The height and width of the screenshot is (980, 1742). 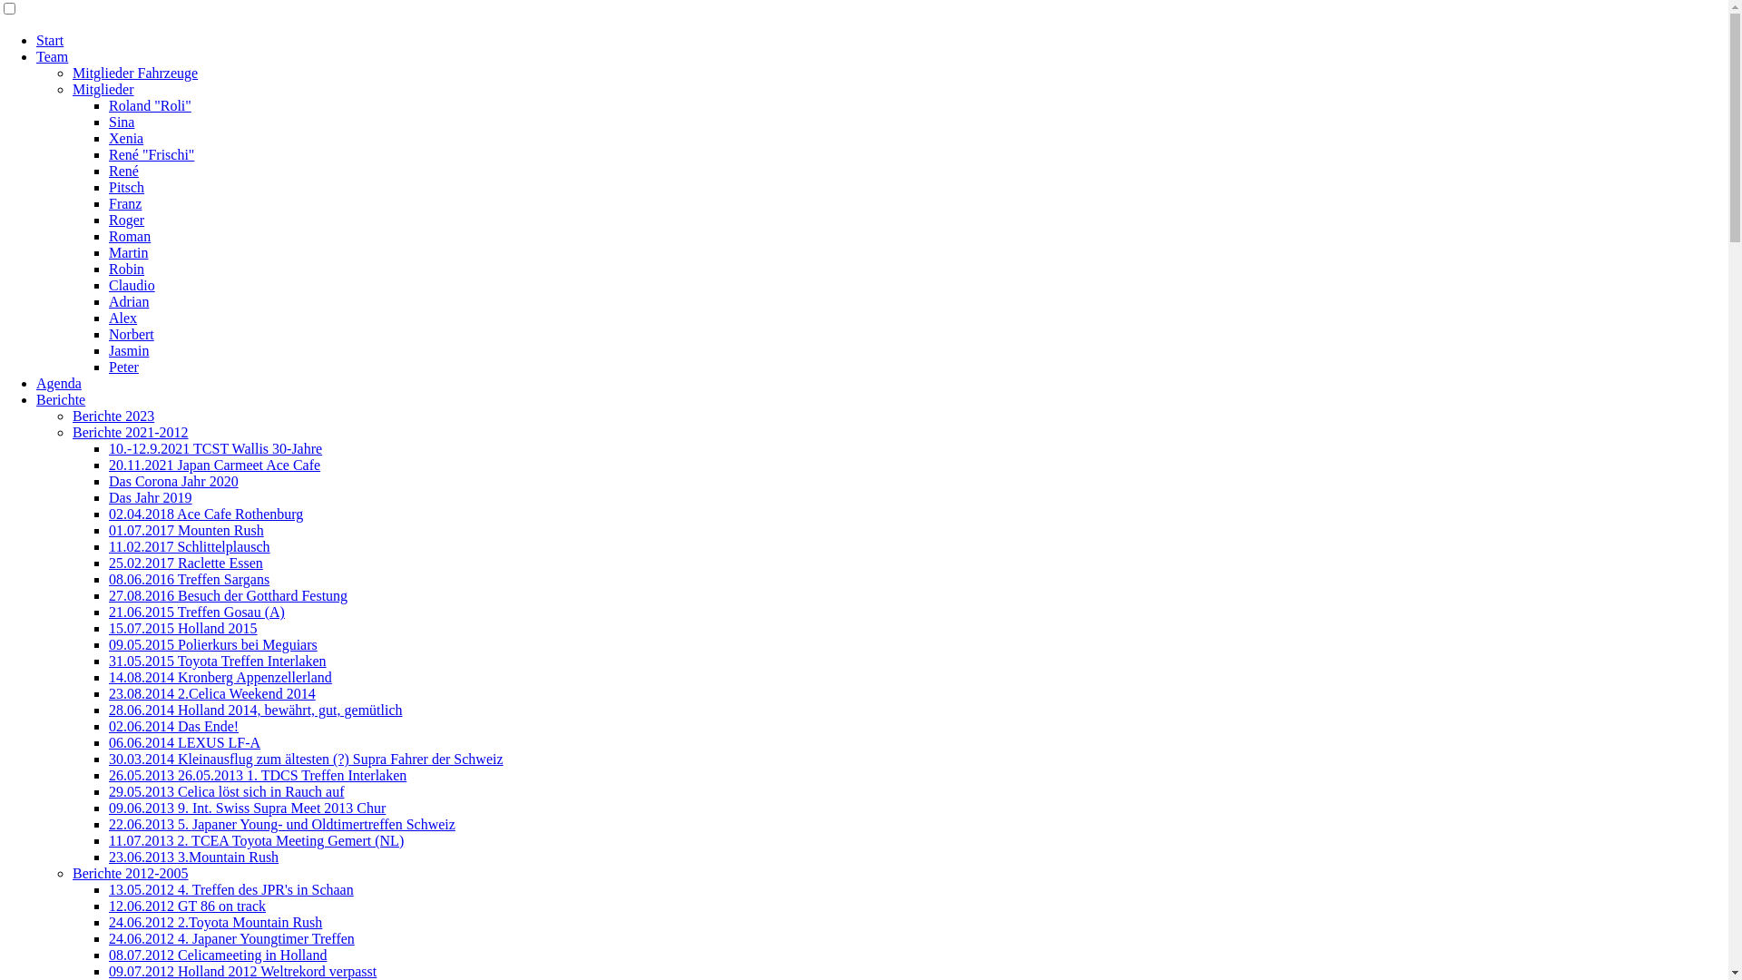 What do you see at coordinates (213, 643) in the screenshot?
I see `'09.05.2015 Polierkurs bei Meguiars'` at bounding box center [213, 643].